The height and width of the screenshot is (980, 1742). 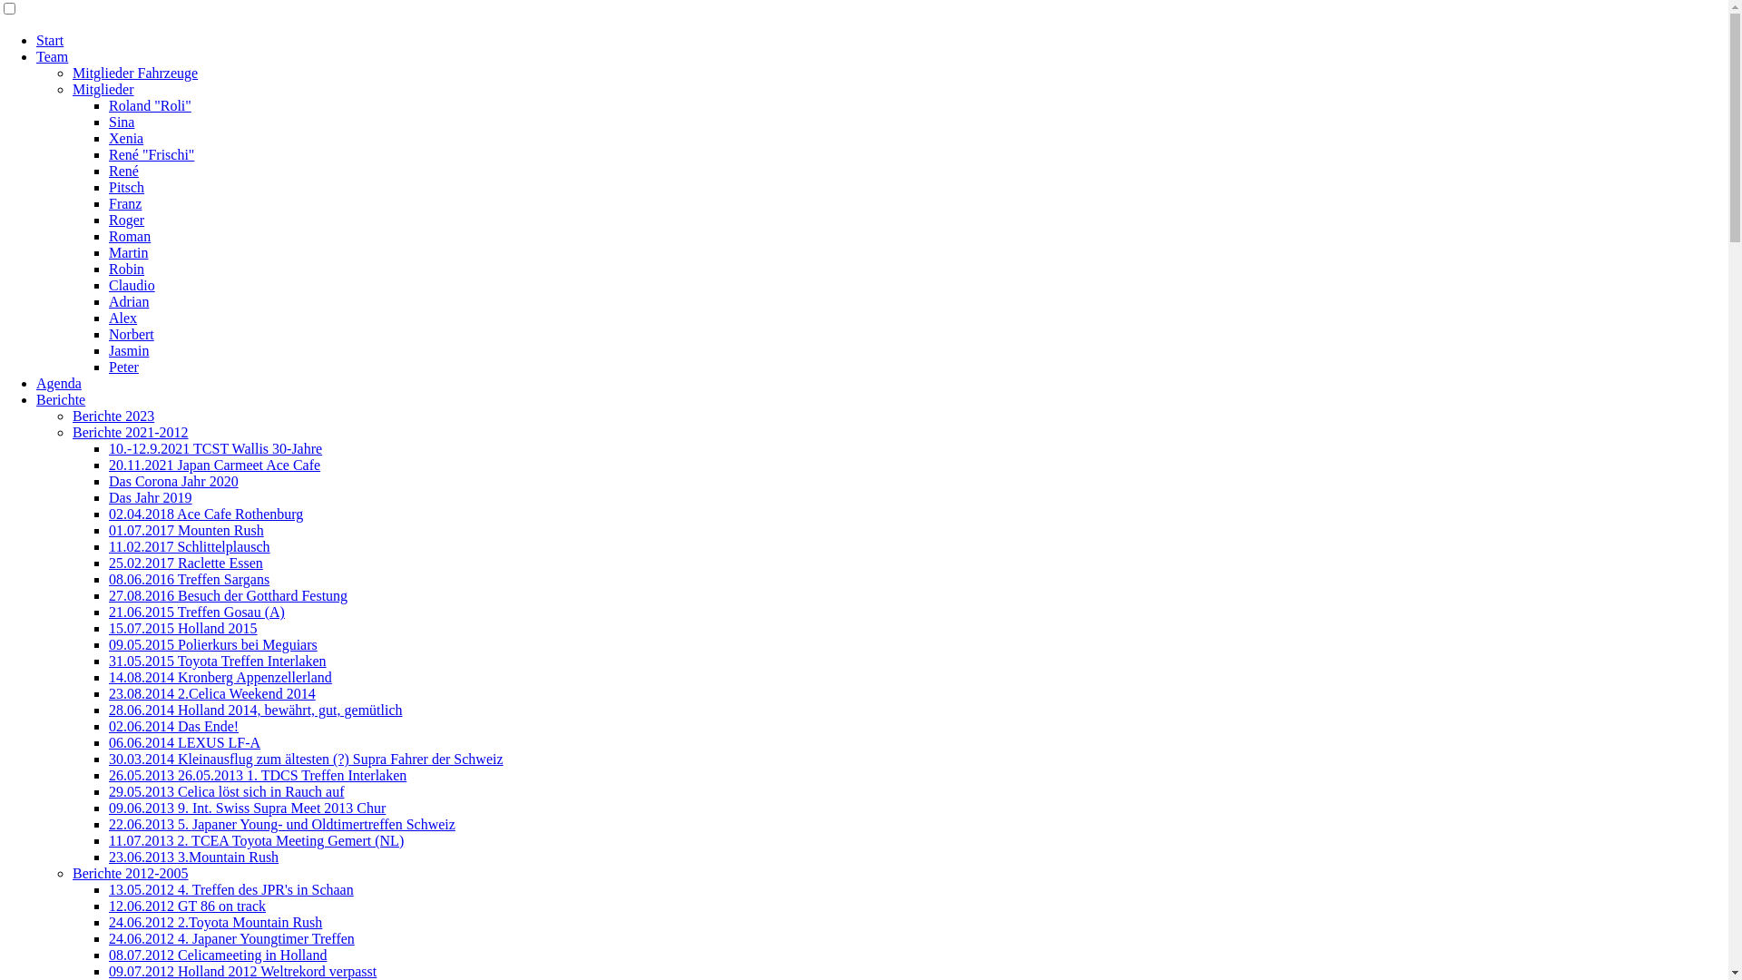 What do you see at coordinates (213, 643) in the screenshot?
I see `'09.05.2015 Polierkurs bei Meguiars'` at bounding box center [213, 643].